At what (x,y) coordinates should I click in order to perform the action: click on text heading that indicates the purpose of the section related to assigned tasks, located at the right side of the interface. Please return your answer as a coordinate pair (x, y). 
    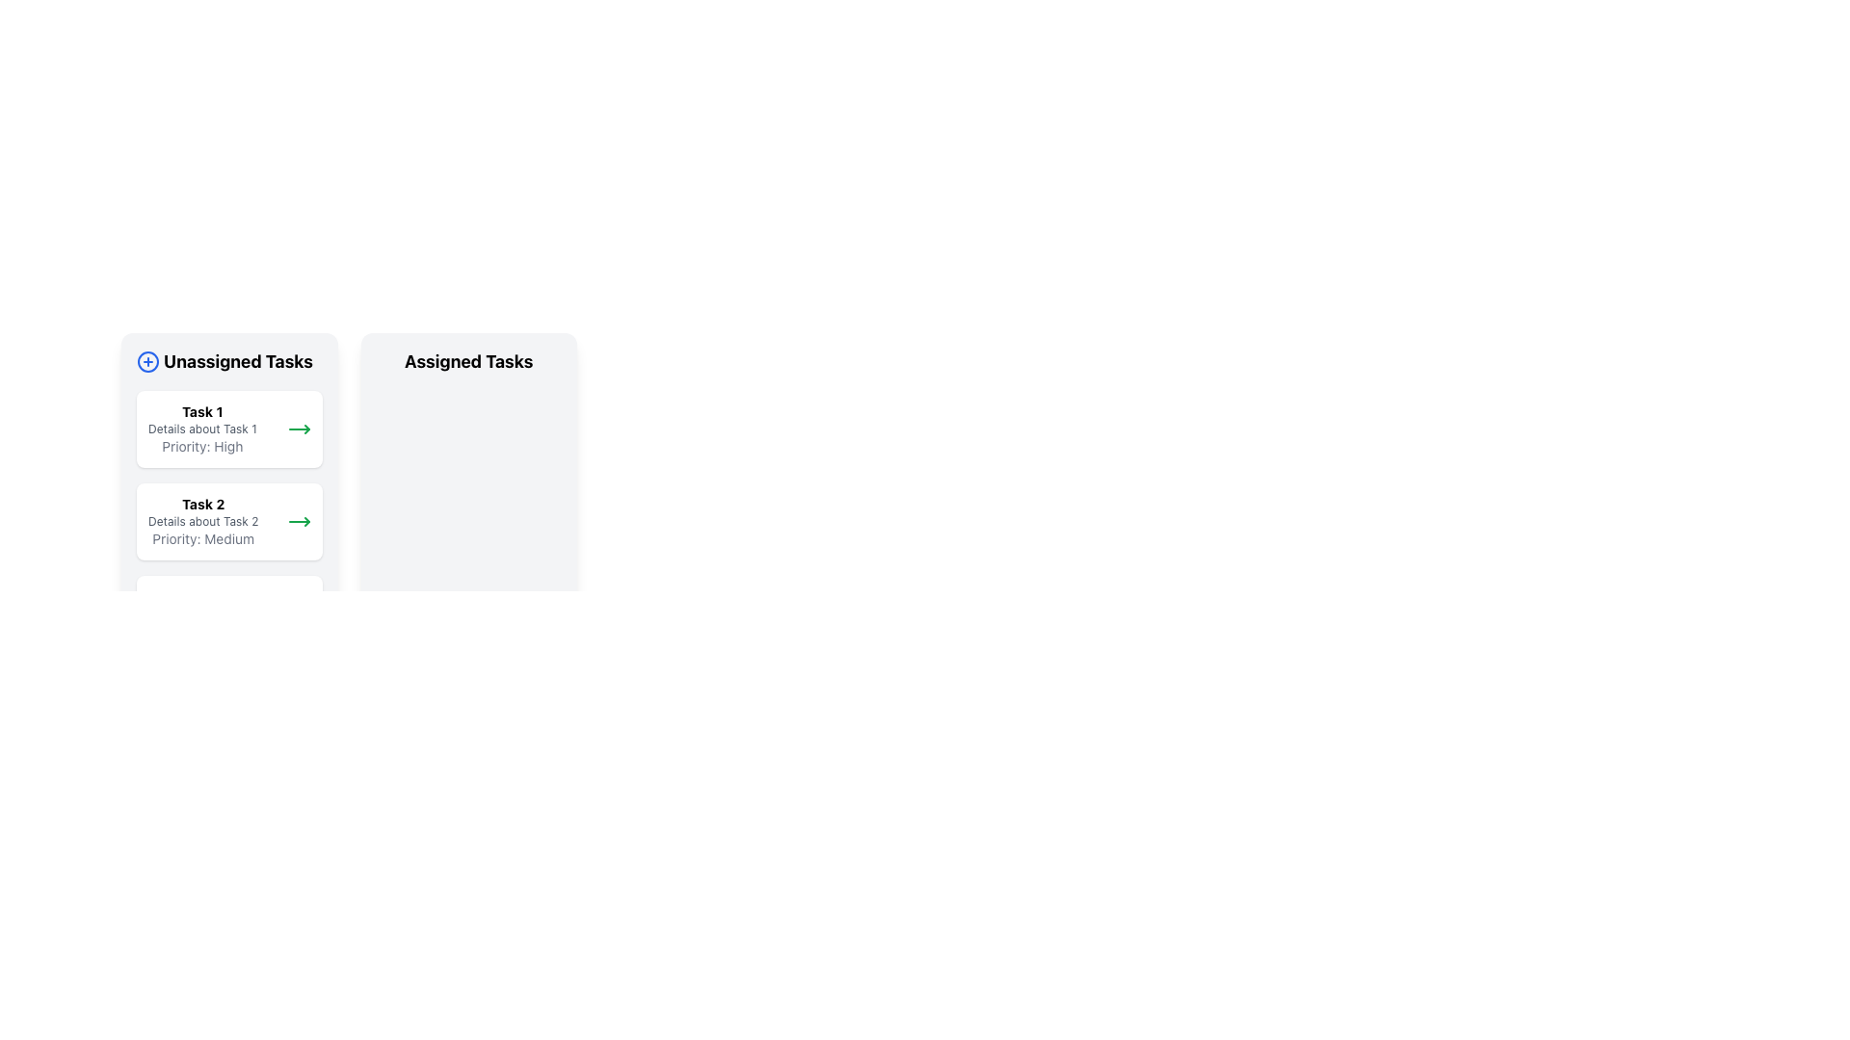
    Looking at the image, I should click on (468, 361).